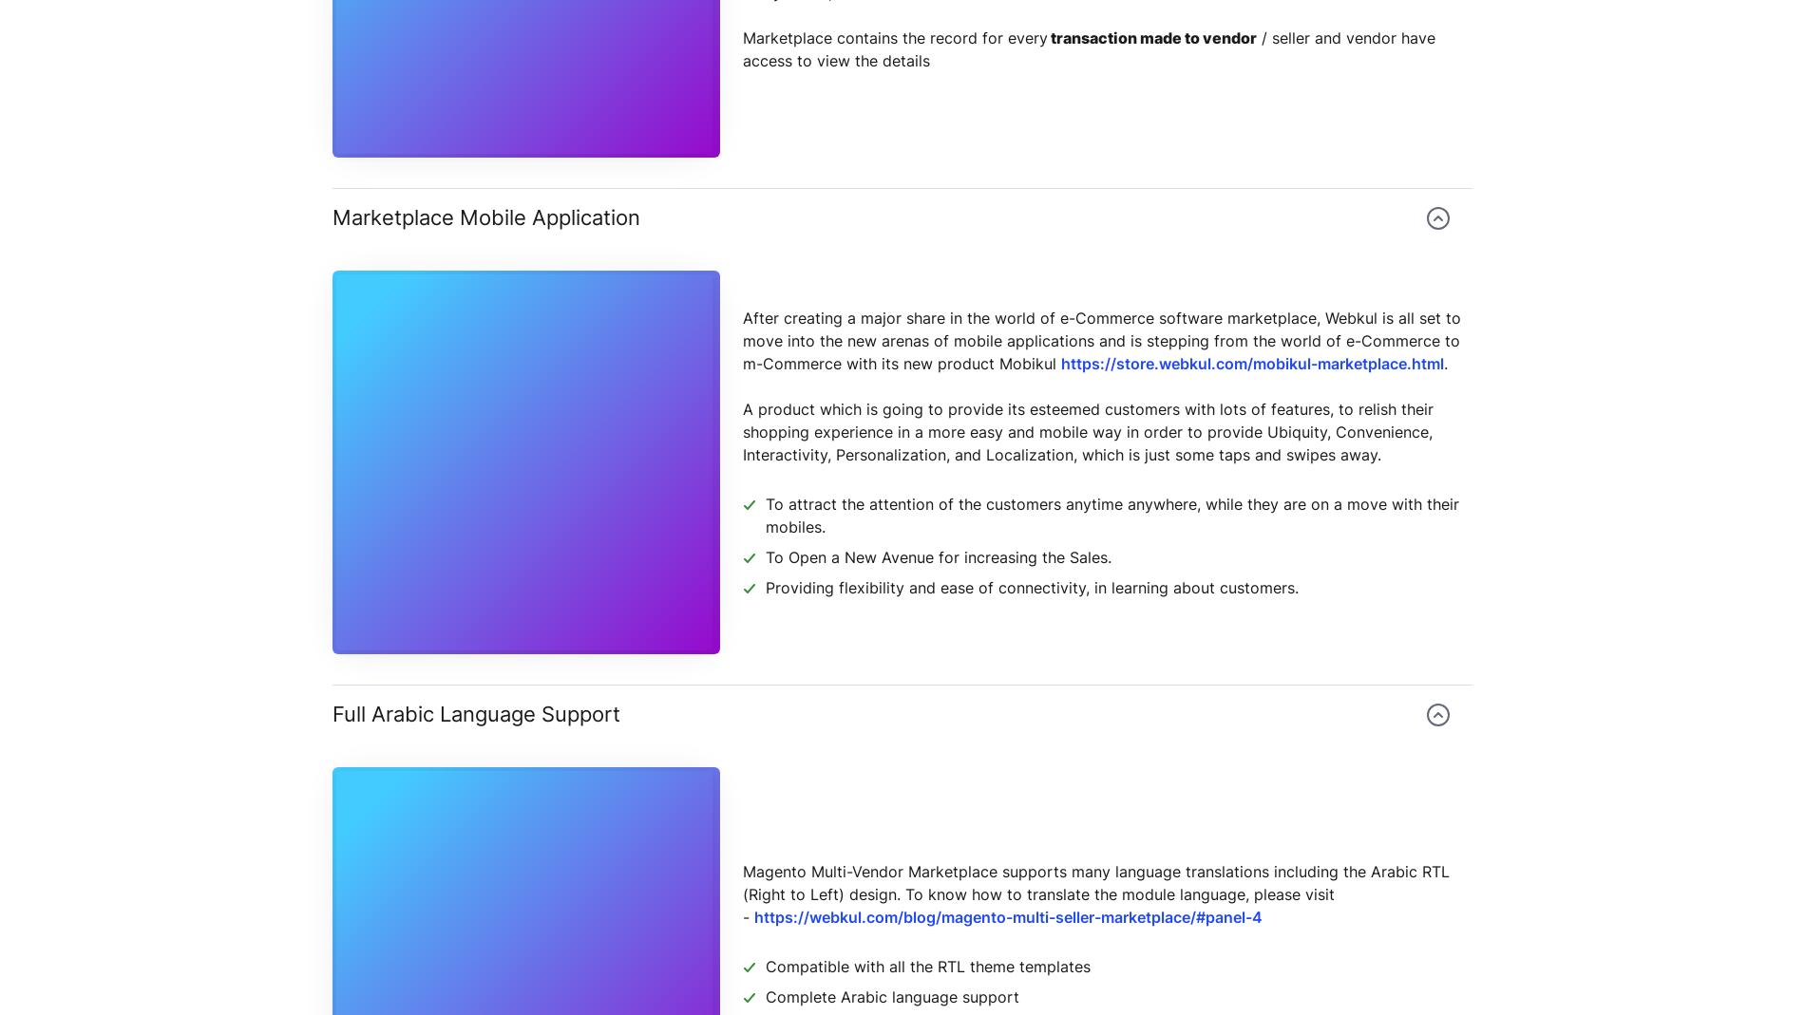 Image resolution: width=1805 pixels, height=1015 pixels. I want to click on 'To Open a New Avenue for increasing the Sales.', so click(939, 556).